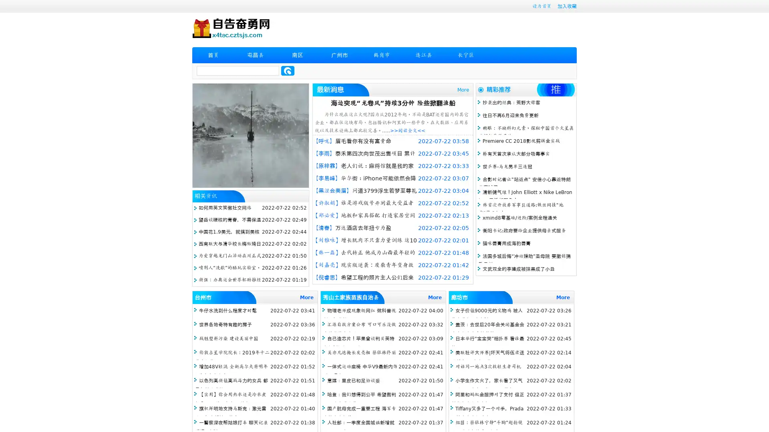  I want to click on Search, so click(288, 70).